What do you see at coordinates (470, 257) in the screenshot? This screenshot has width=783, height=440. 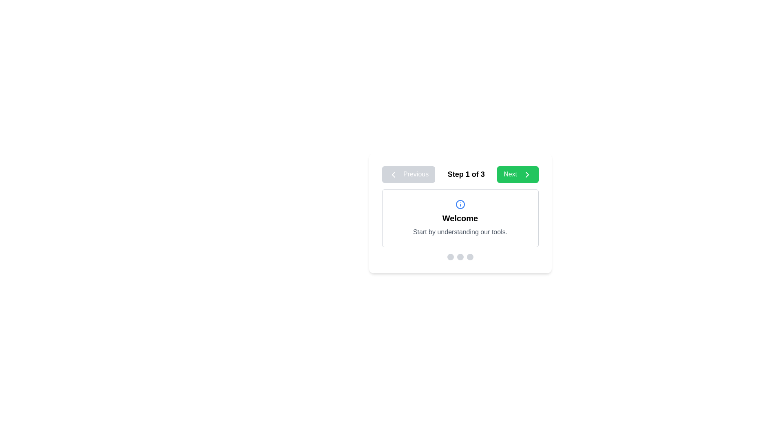 I see `the third circular indicator with a light gray background located near the bottom center of the interface, below the 'Welcome' text and between the 'Previous' and 'Next' navigation buttons` at bounding box center [470, 257].